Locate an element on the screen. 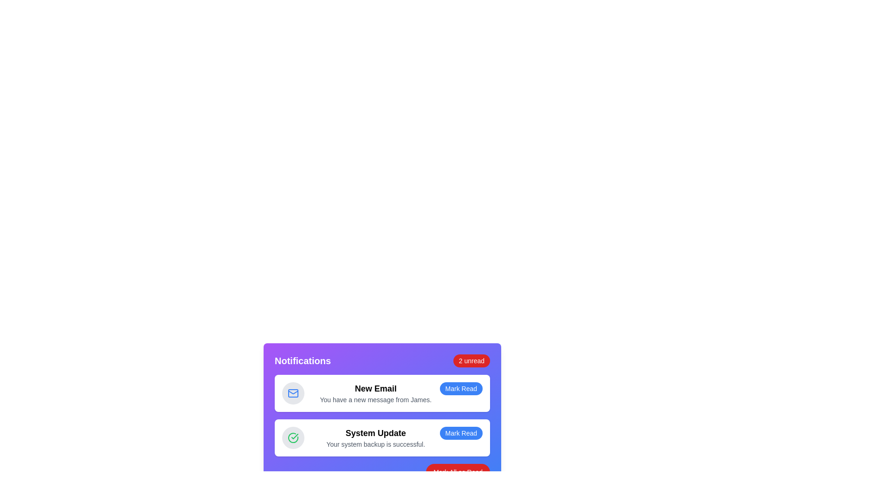 The height and width of the screenshot is (501, 891). the 'Mark All as Read' button located at the bottom-right corner of the notification section is located at coordinates (458, 472).